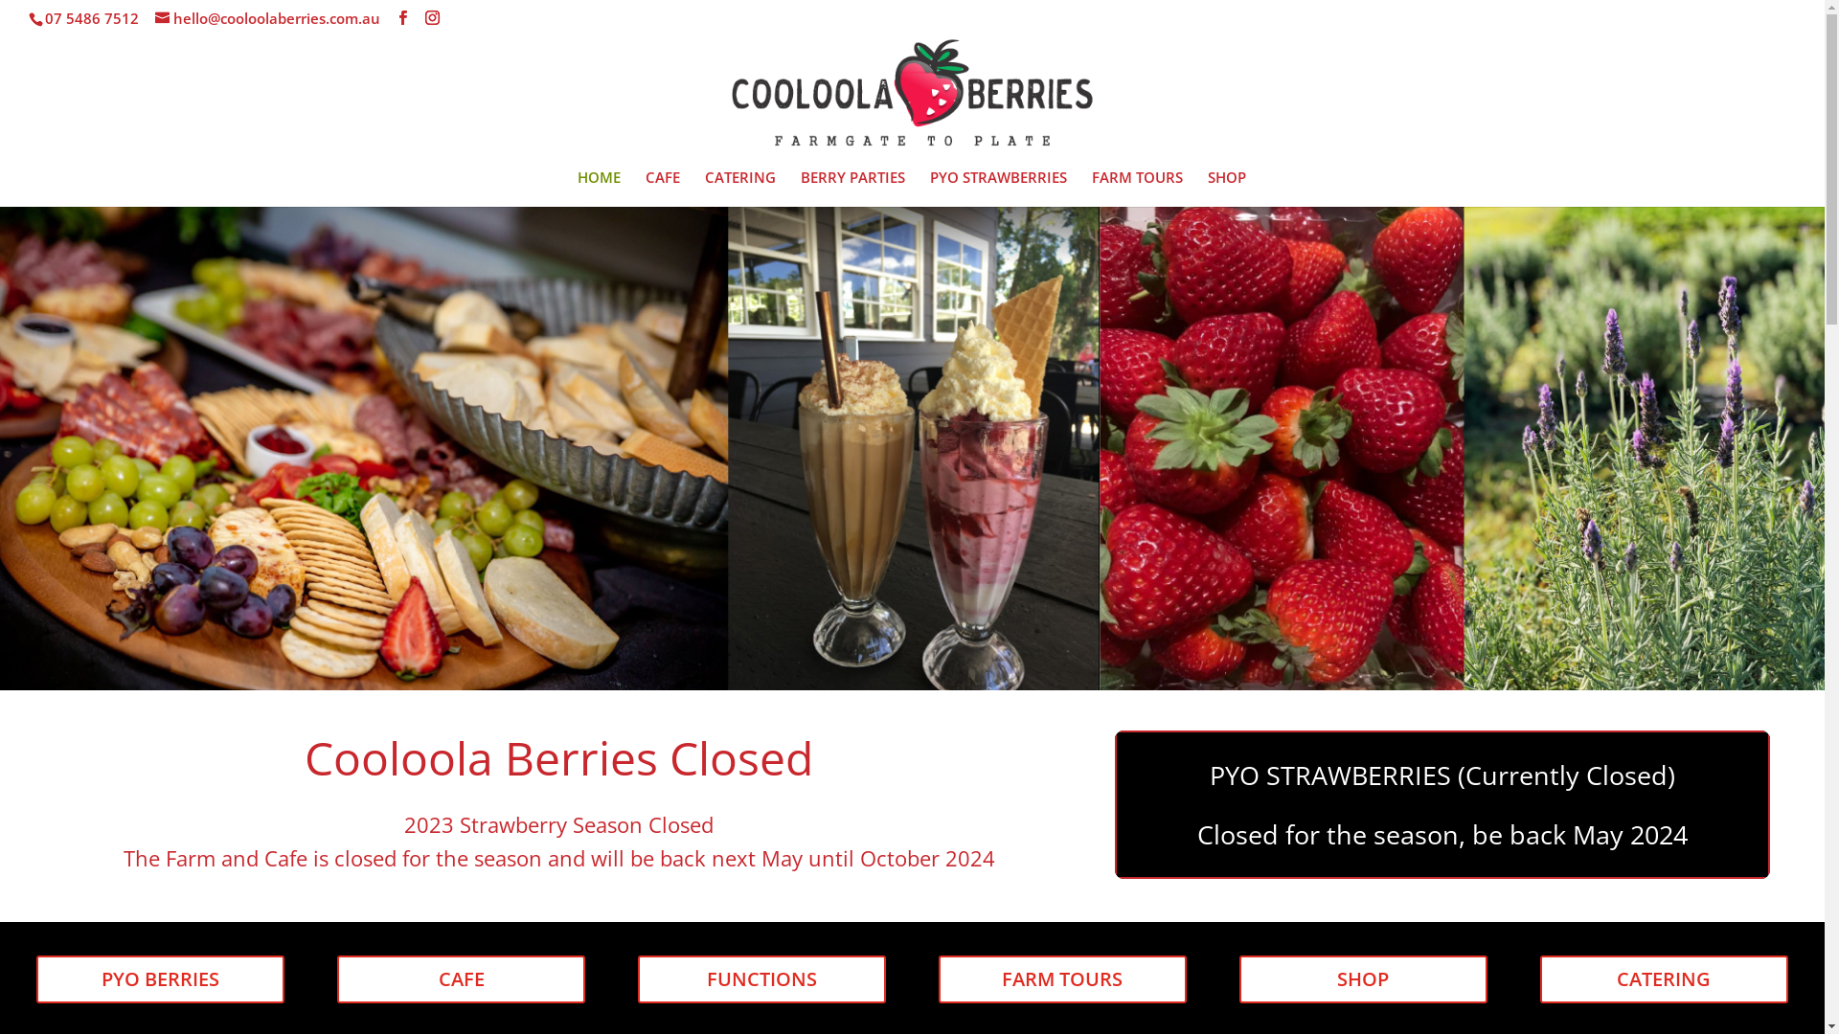 This screenshot has width=1839, height=1034. I want to click on 'PYO BERRIES', so click(160, 978).